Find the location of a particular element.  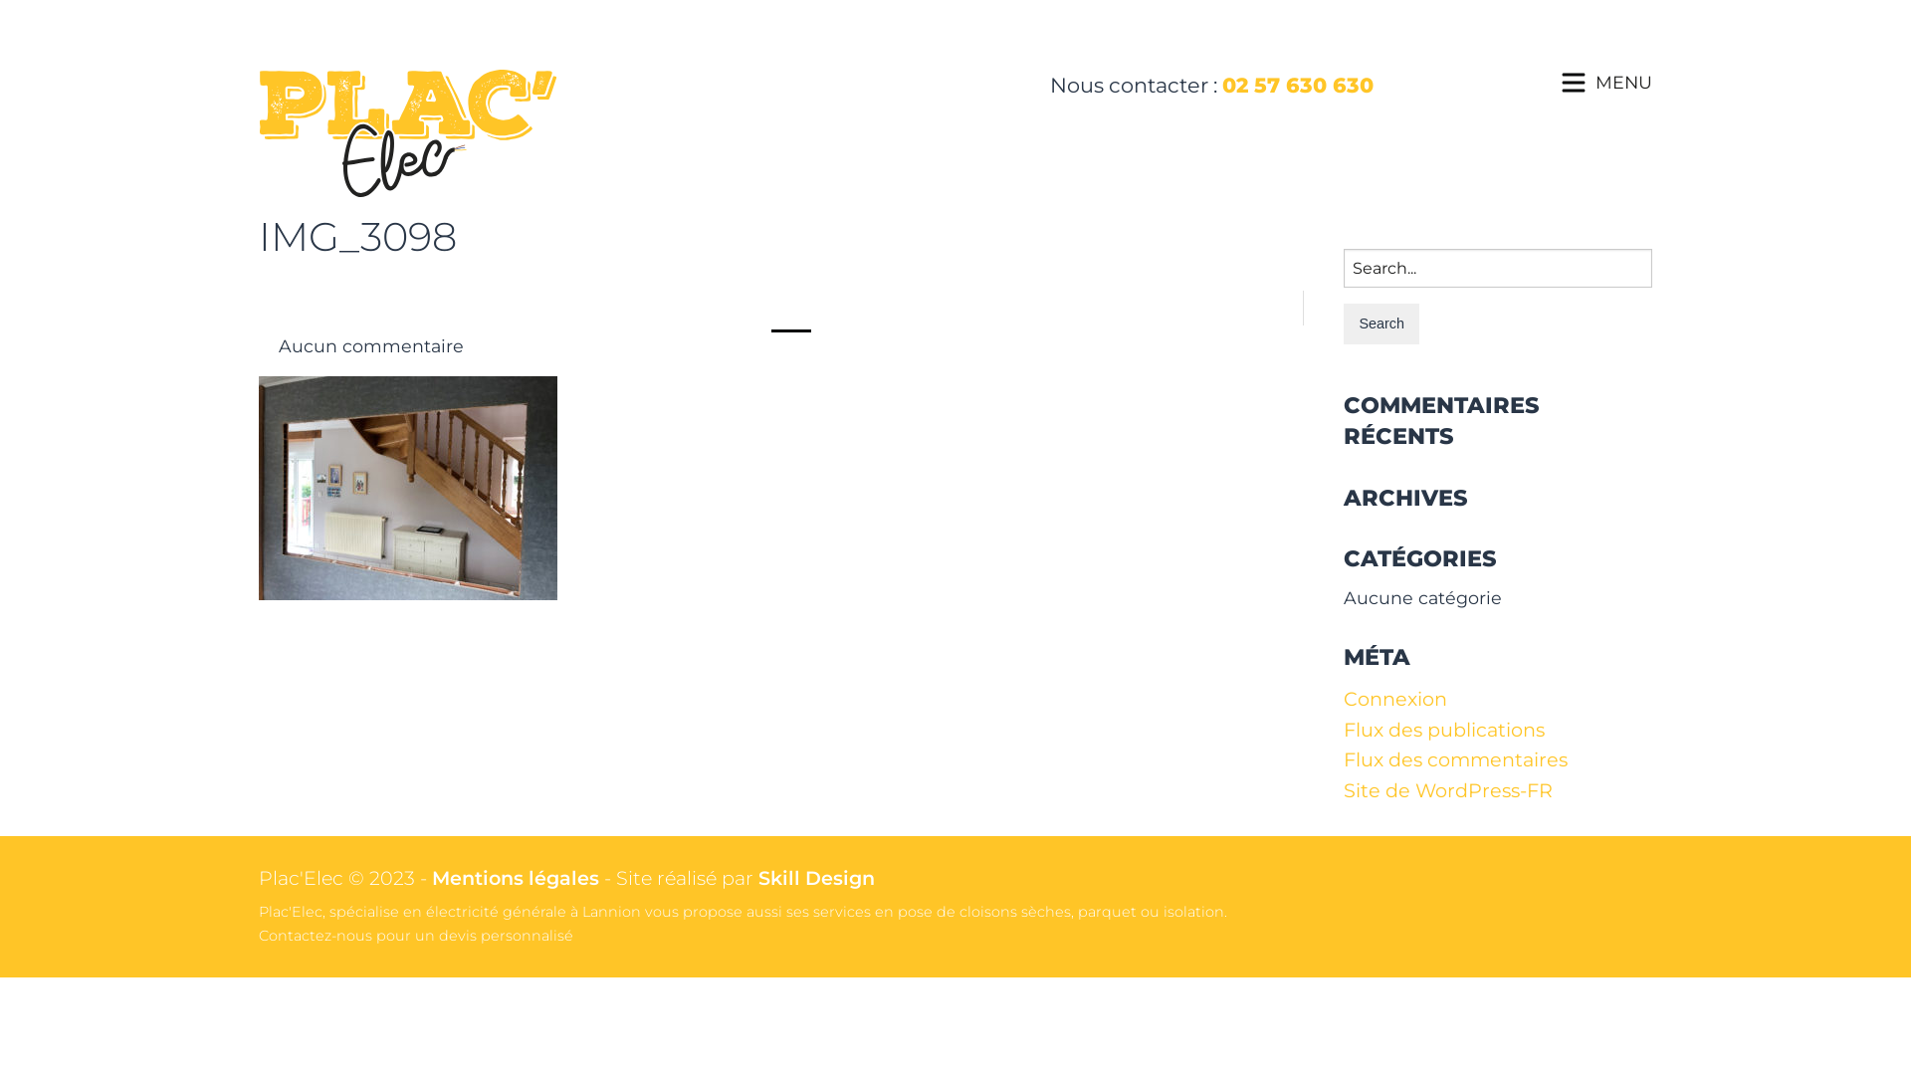

'Flux des publications' is located at coordinates (1343, 729).